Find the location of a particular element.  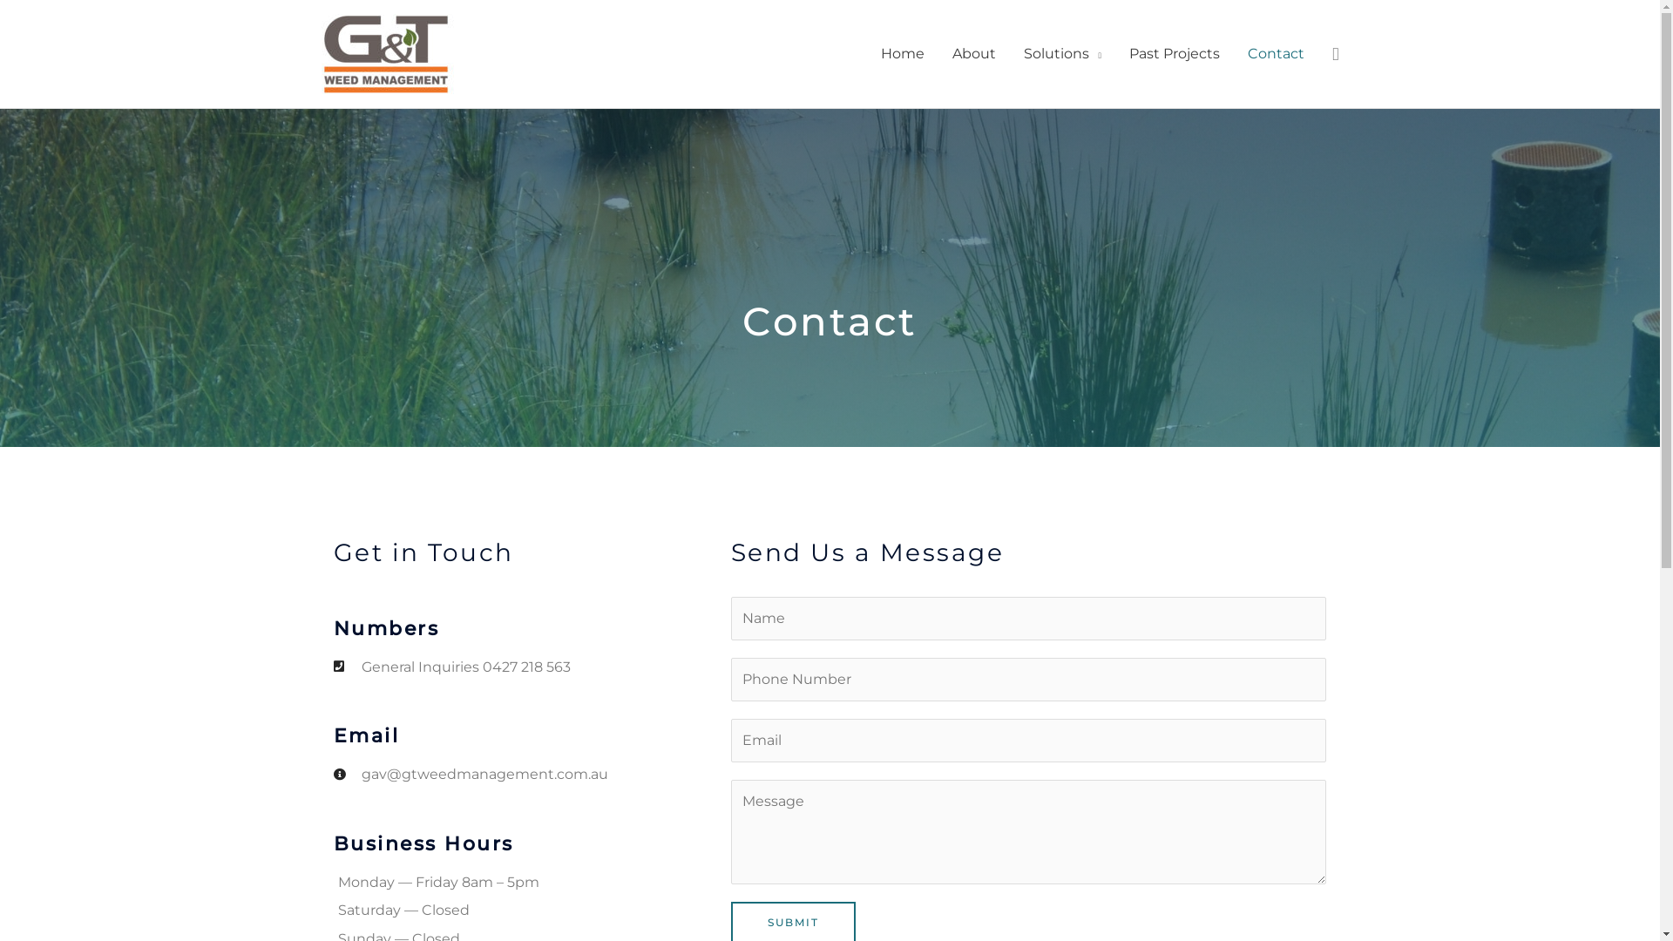

'gav@gtweedmanagement.com.au' is located at coordinates (530, 773).